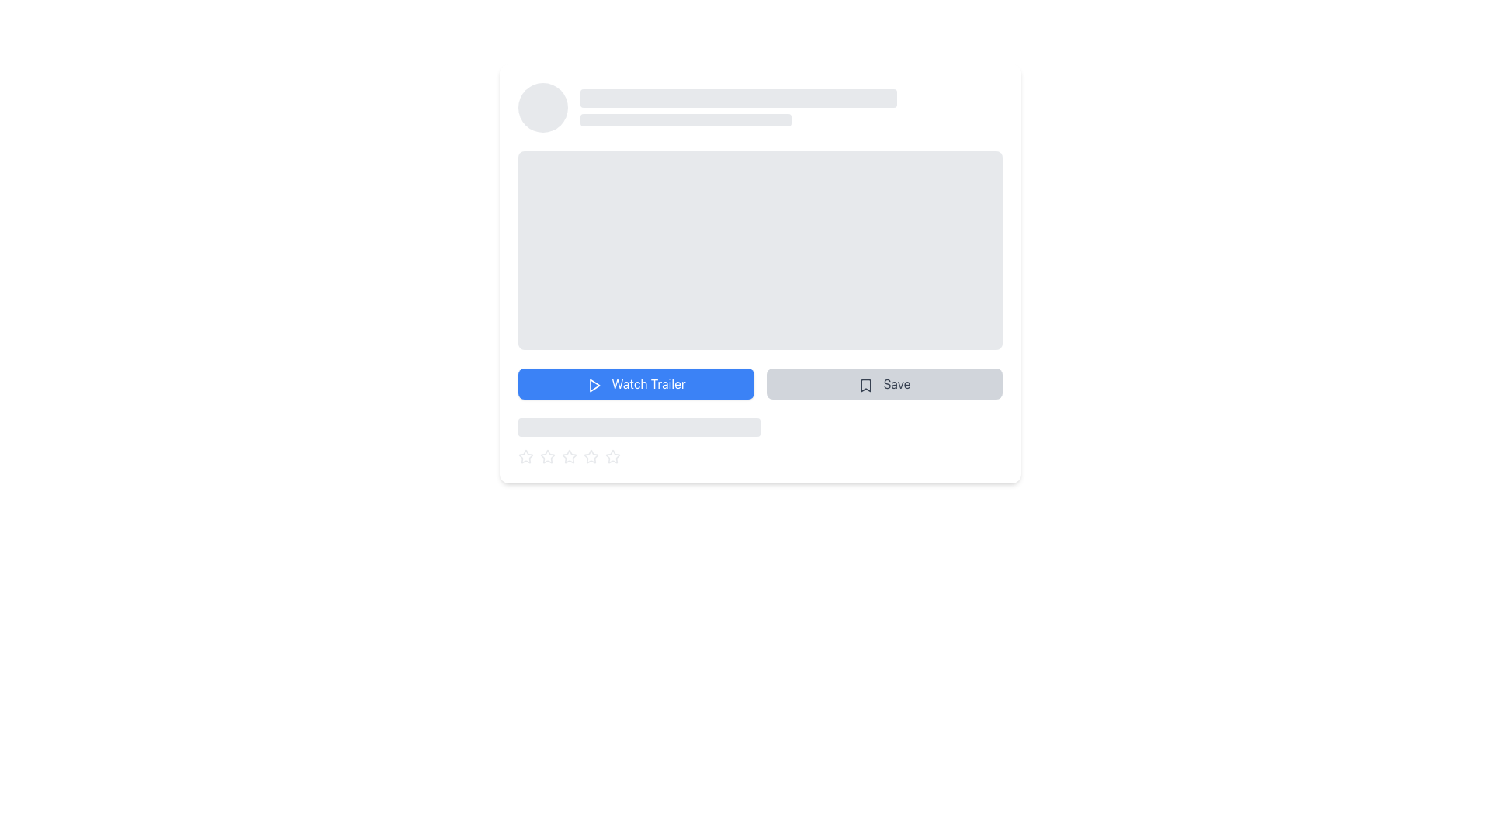 The width and height of the screenshot is (1490, 838). I want to click on the second star in the star rating selection, so click(591, 455).